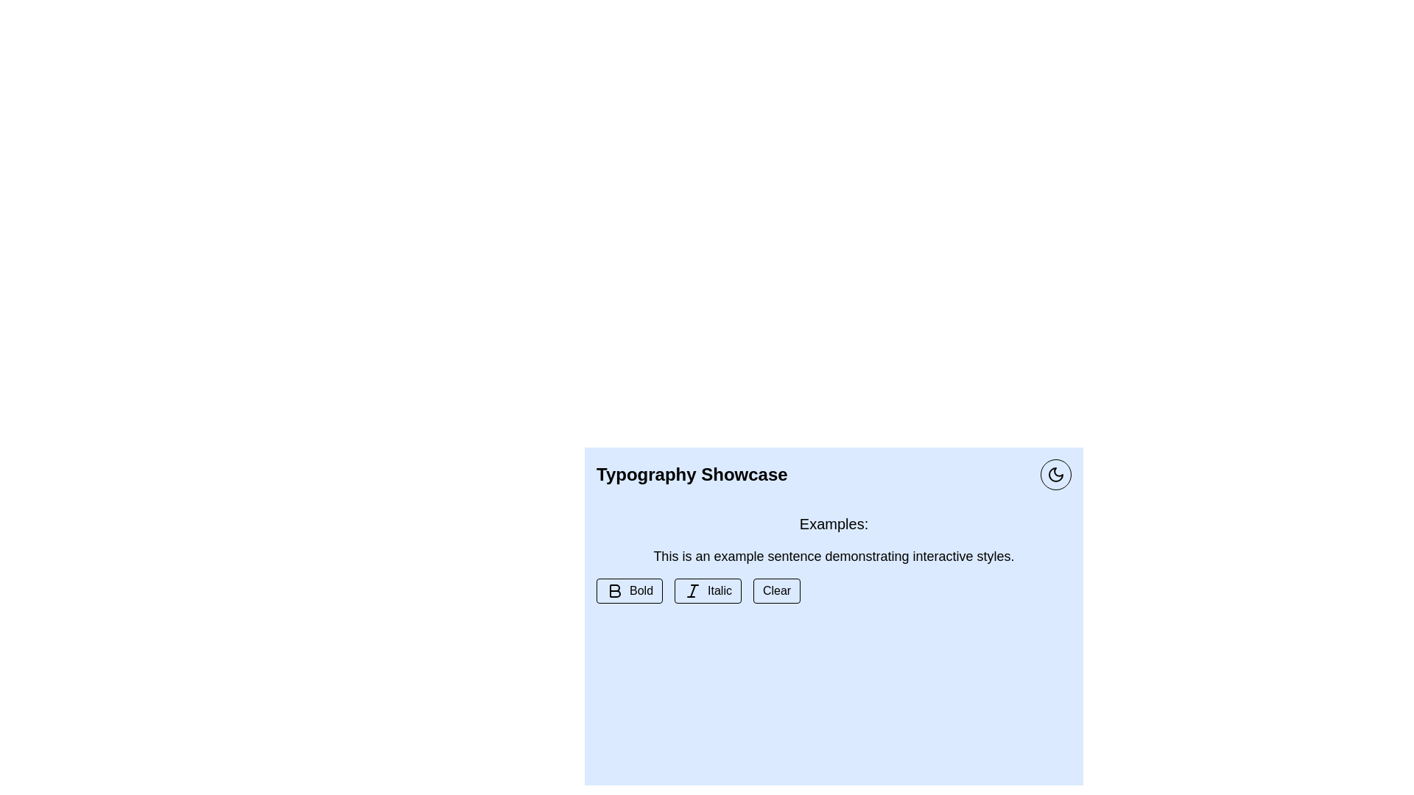 This screenshot has width=1414, height=795. What do you see at coordinates (708, 590) in the screenshot?
I see `the 'Italic' button, which is a rectangular button with slight rounded corners, containing an italic-styled 'I' icon and the text label 'Italic', positioned centrally between 'Bold' and 'Clear' buttons` at bounding box center [708, 590].